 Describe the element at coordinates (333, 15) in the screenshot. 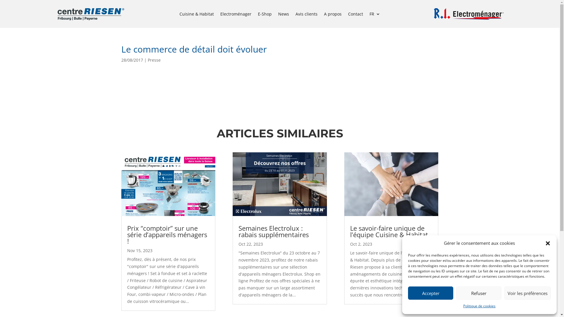

I see `'A propos'` at that location.